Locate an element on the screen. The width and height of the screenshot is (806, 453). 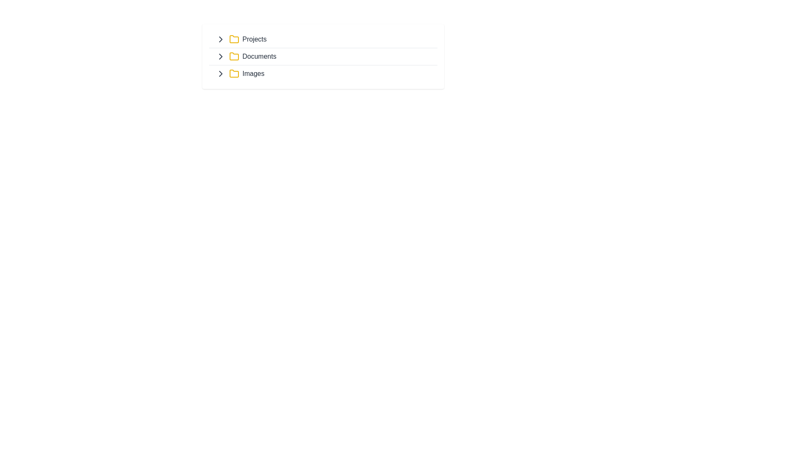
the 'Documents' interactive file or folder entry in the navigation panel is located at coordinates (322, 57).